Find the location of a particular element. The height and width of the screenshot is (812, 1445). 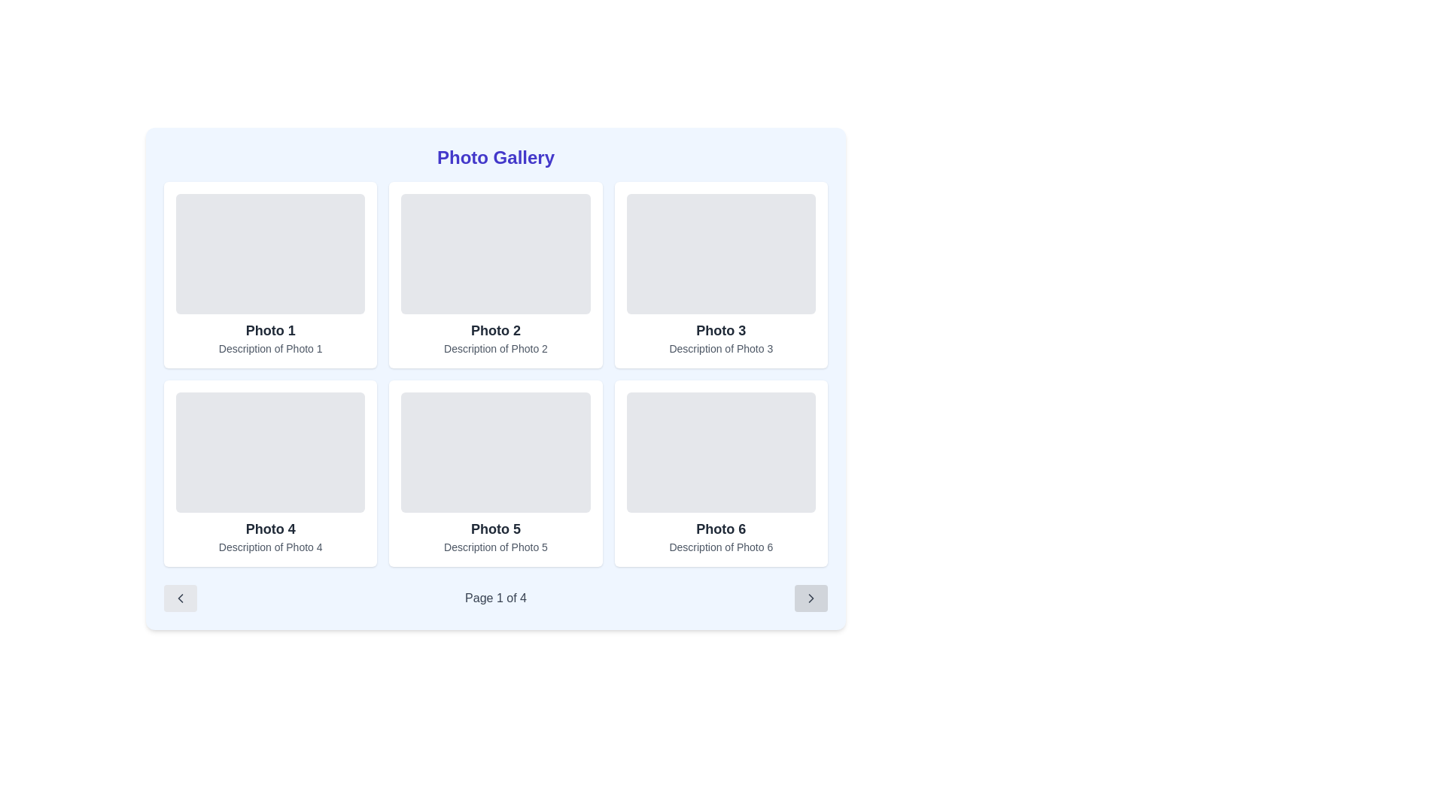

the text label element that displays 'Description of Photo 1', located directly beneath the 'Photo 1' title in the 'Photo Gallery' section is located at coordinates (270, 348).